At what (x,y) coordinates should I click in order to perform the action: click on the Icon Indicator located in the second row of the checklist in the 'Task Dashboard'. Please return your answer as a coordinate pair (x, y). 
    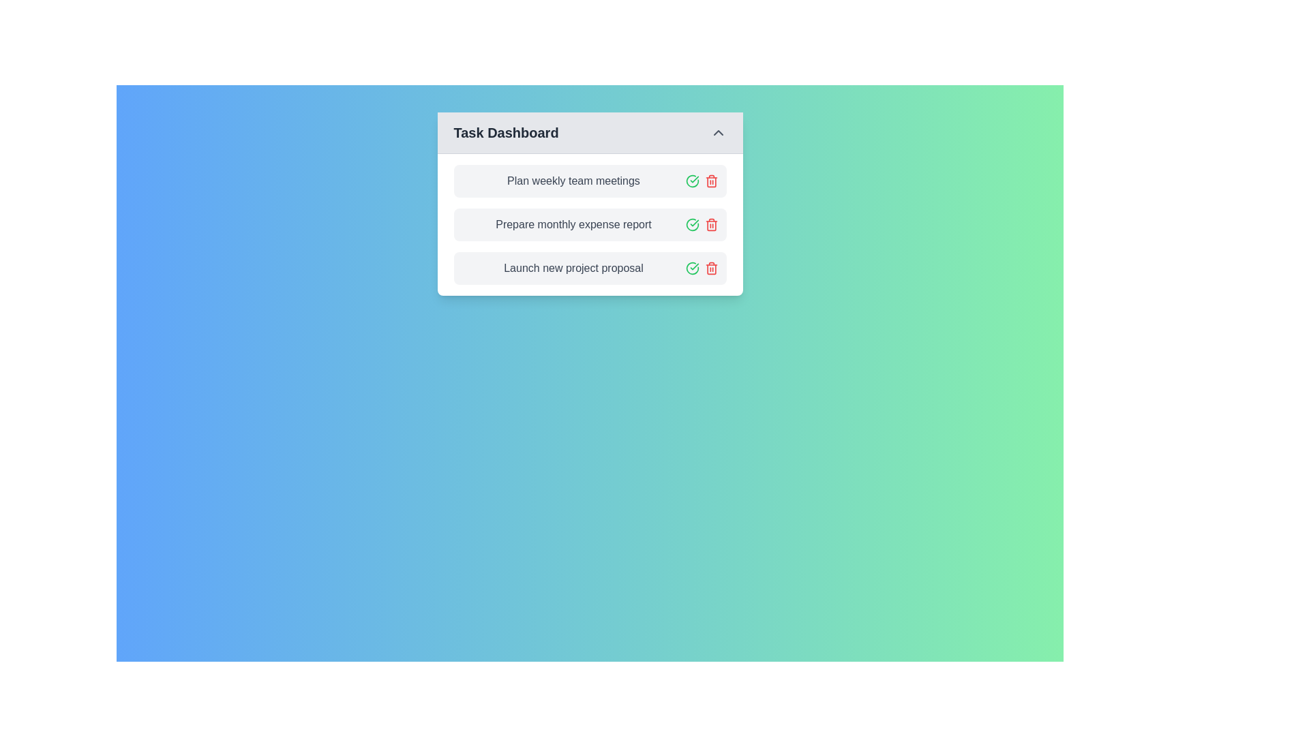
    Looking at the image, I should click on (692, 181).